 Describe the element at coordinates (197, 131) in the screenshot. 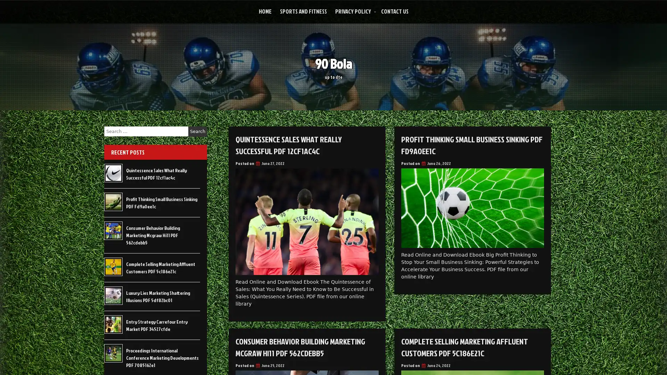

I see `Search` at that location.